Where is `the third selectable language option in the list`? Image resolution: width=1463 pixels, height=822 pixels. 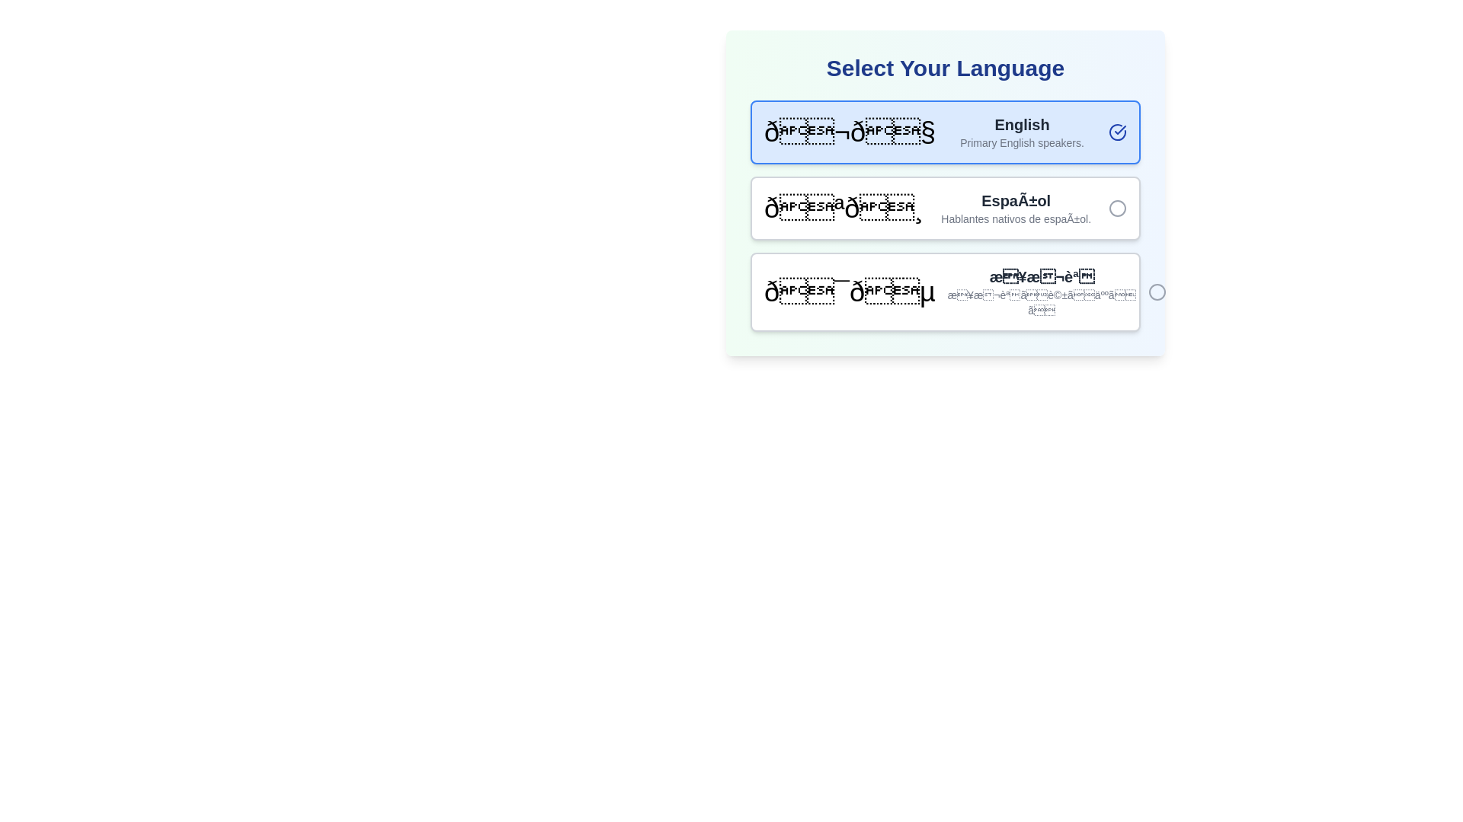 the third selectable language option in the list is located at coordinates (945, 292).